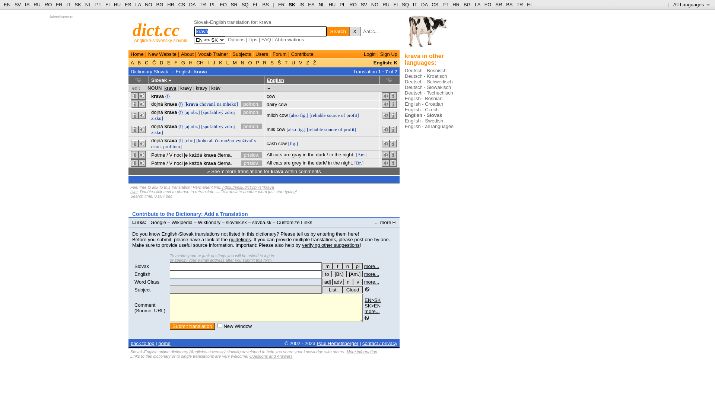 The height and width of the screenshot is (402, 715). Describe the element at coordinates (252, 39) in the screenshot. I see `'Tips'` at that location.